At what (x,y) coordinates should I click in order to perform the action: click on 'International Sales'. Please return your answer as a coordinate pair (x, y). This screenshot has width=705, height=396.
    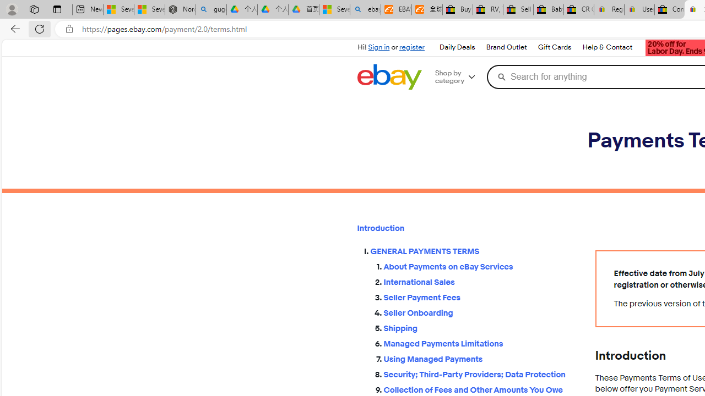
    Looking at the image, I should click on (480, 282).